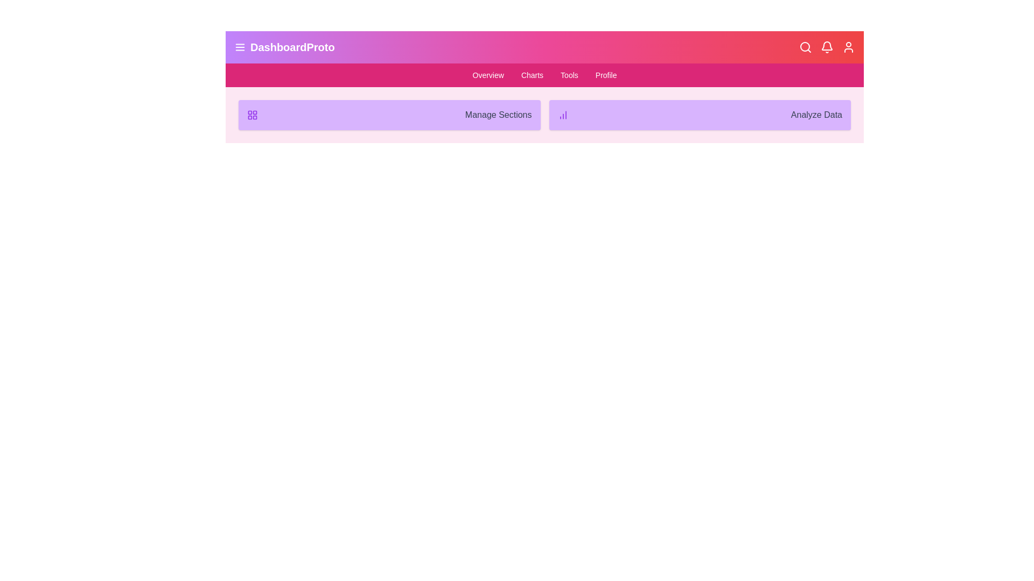 The width and height of the screenshot is (1034, 581). I want to click on the menu item Tools to navigate to the corresponding section, so click(569, 74).